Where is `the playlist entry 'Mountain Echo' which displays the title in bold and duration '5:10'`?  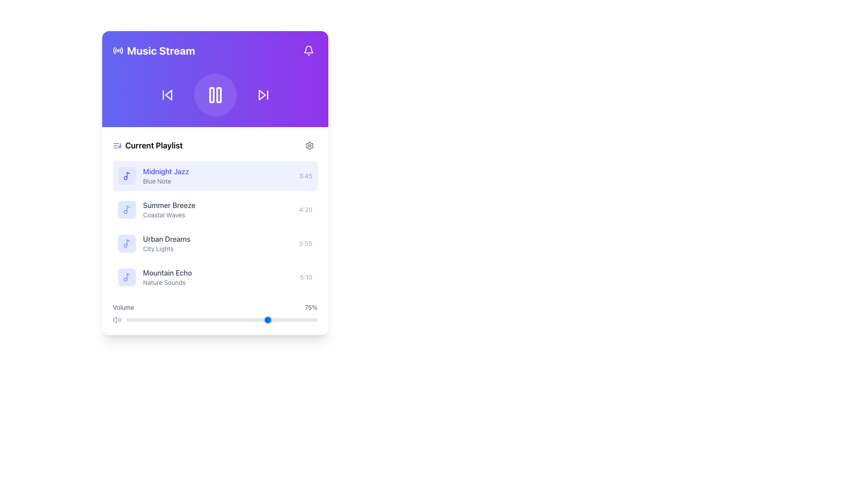
the playlist entry 'Mountain Echo' which displays the title in bold and duration '5:10' is located at coordinates (215, 277).